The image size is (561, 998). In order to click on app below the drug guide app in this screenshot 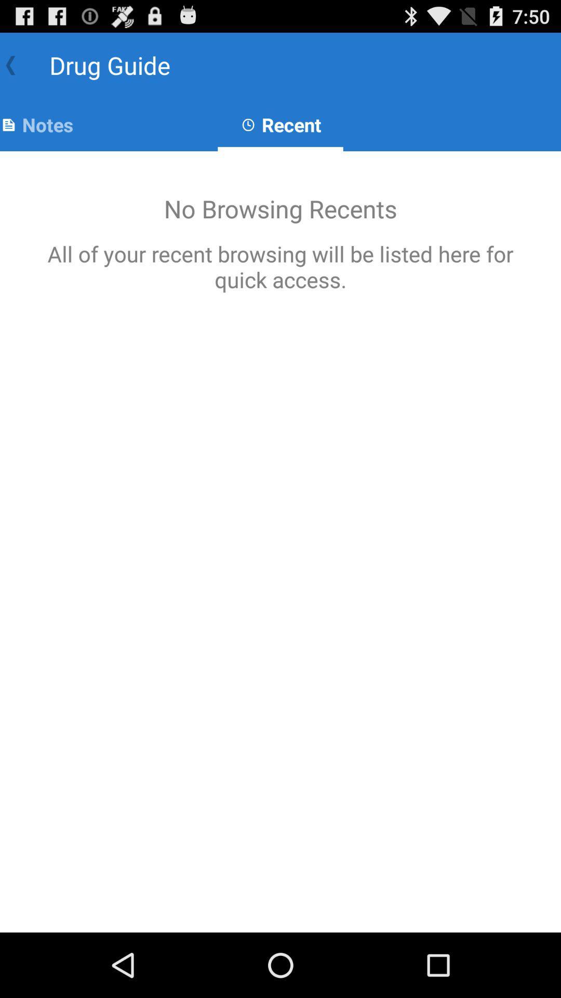, I will do `click(36, 125)`.